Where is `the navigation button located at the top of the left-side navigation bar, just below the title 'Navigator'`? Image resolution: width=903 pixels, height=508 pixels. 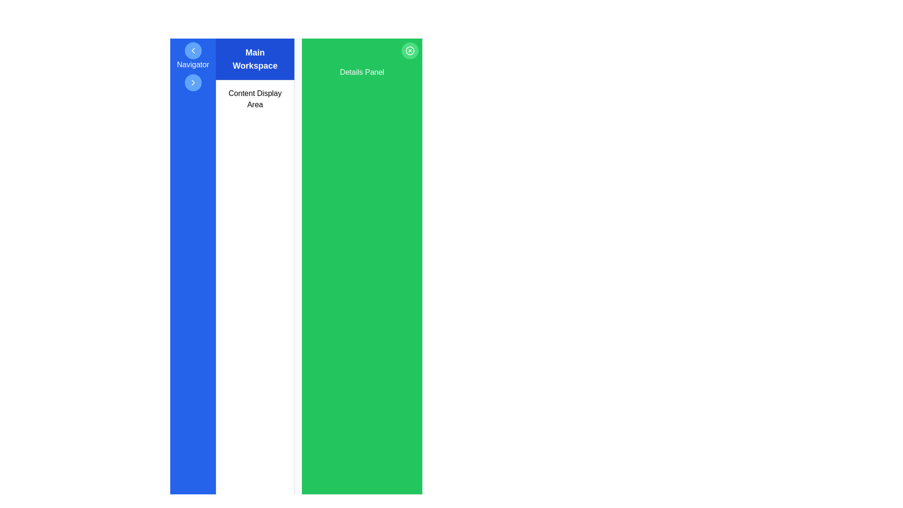
the navigation button located at the top of the left-side navigation bar, just below the title 'Navigator' is located at coordinates (192, 51).